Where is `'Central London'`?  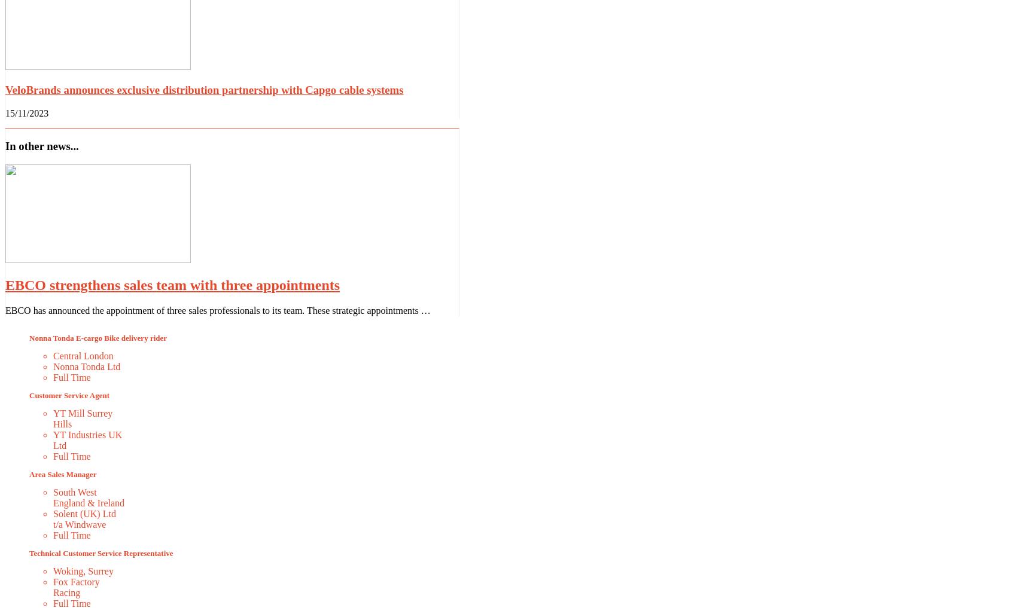
'Central London' is located at coordinates (83, 355).